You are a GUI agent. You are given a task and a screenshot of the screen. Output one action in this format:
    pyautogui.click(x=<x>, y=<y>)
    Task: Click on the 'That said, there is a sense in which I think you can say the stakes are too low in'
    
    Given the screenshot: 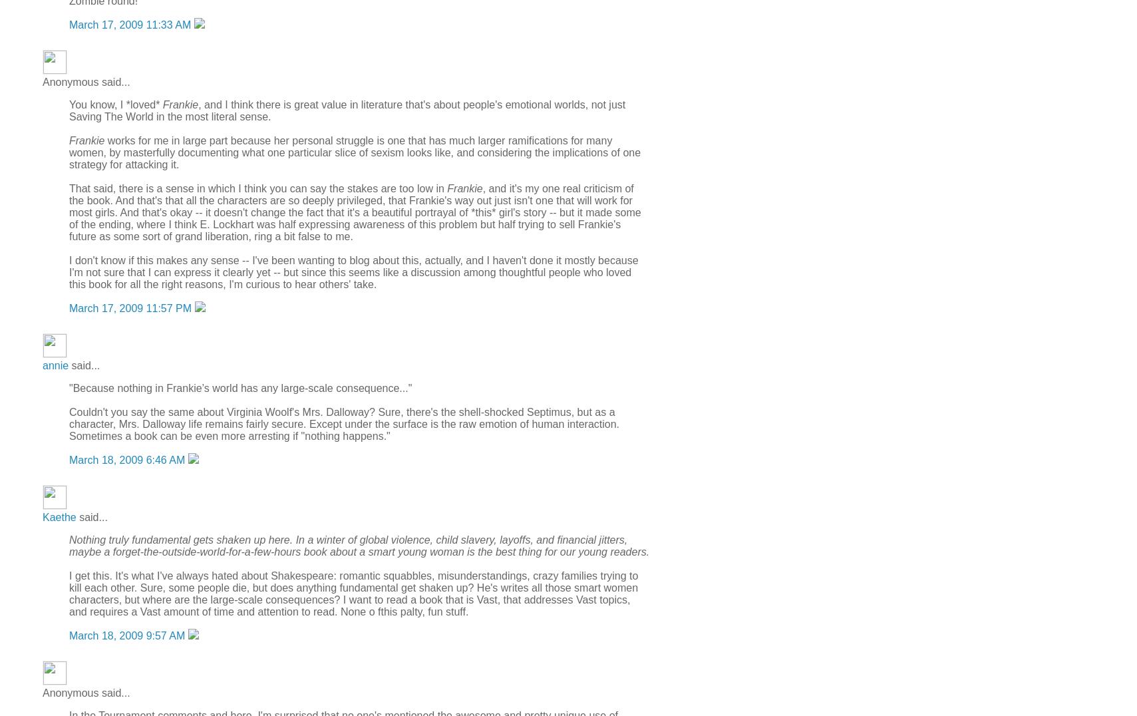 What is the action you would take?
    pyautogui.click(x=257, y=187)
    